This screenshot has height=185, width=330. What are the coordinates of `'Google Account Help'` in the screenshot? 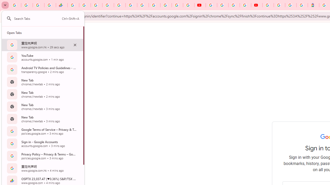 It's located at (223, 5).